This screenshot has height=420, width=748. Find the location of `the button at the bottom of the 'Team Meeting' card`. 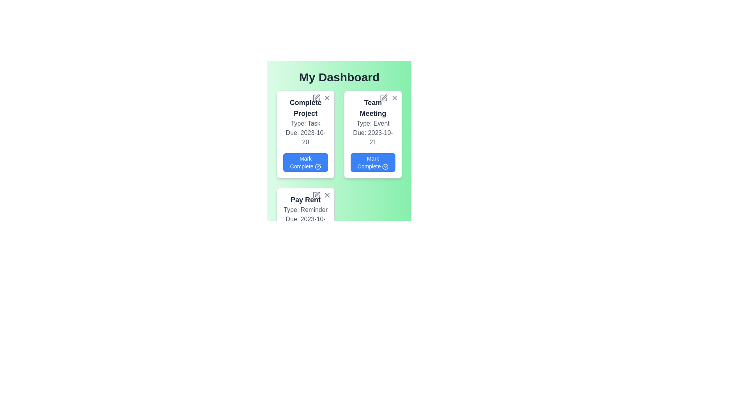

the button at the bottom of the 'Team Meeting' card is located at coordinates (372, 162).